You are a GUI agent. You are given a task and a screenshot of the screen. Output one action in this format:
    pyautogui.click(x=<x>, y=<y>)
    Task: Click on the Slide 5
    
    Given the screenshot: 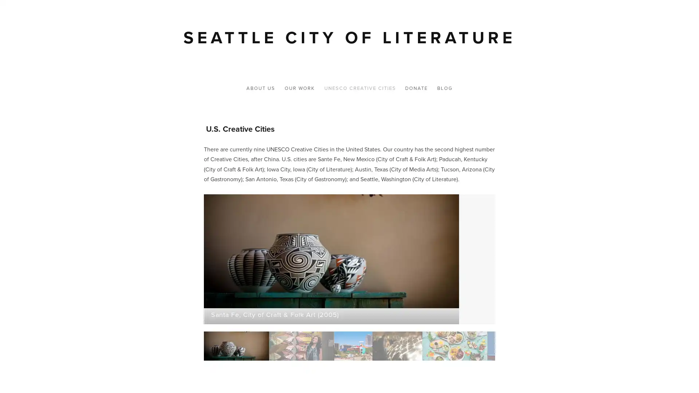 What is the action you would take?
    pyautogui.click(x=356, y=346)
    